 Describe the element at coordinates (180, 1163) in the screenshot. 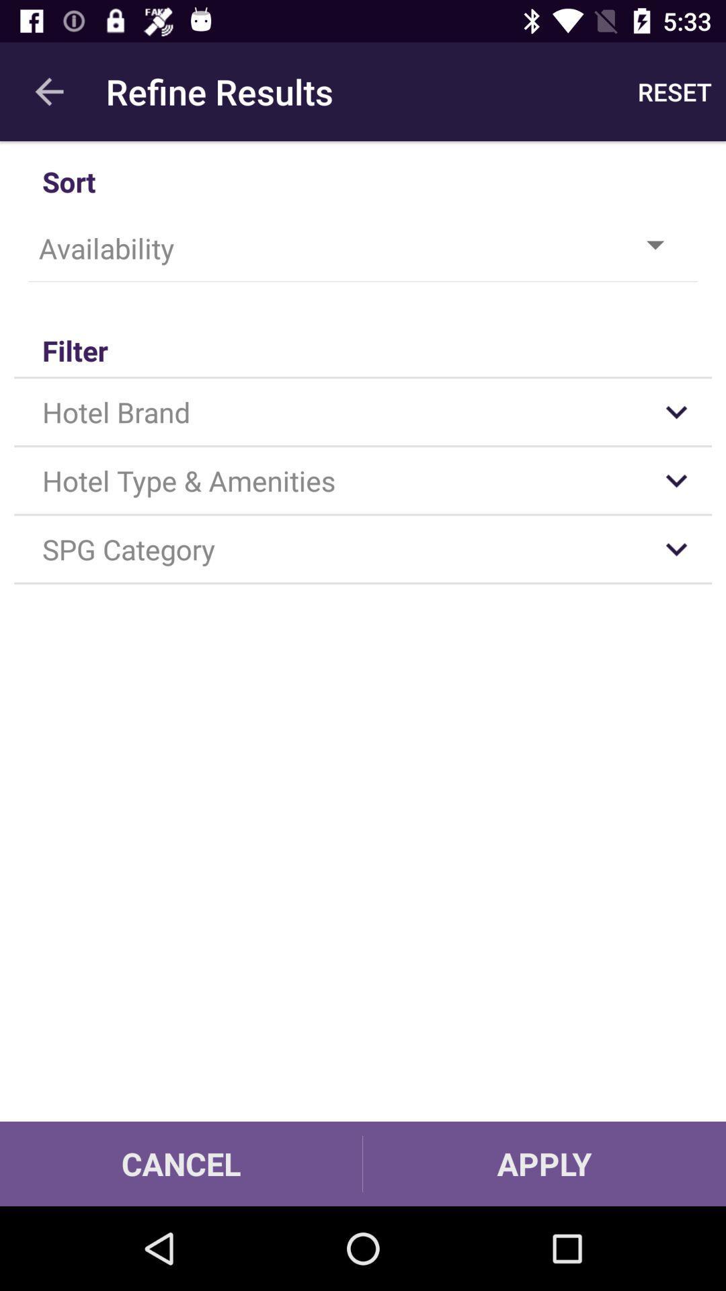

I see `the item below the spg category item` at that location.